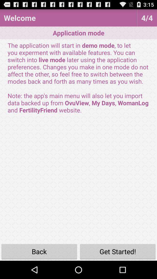  Describe the element at coordinates (39, 251) in the screenshot. I see `icon at the bottom left corner` at that location.